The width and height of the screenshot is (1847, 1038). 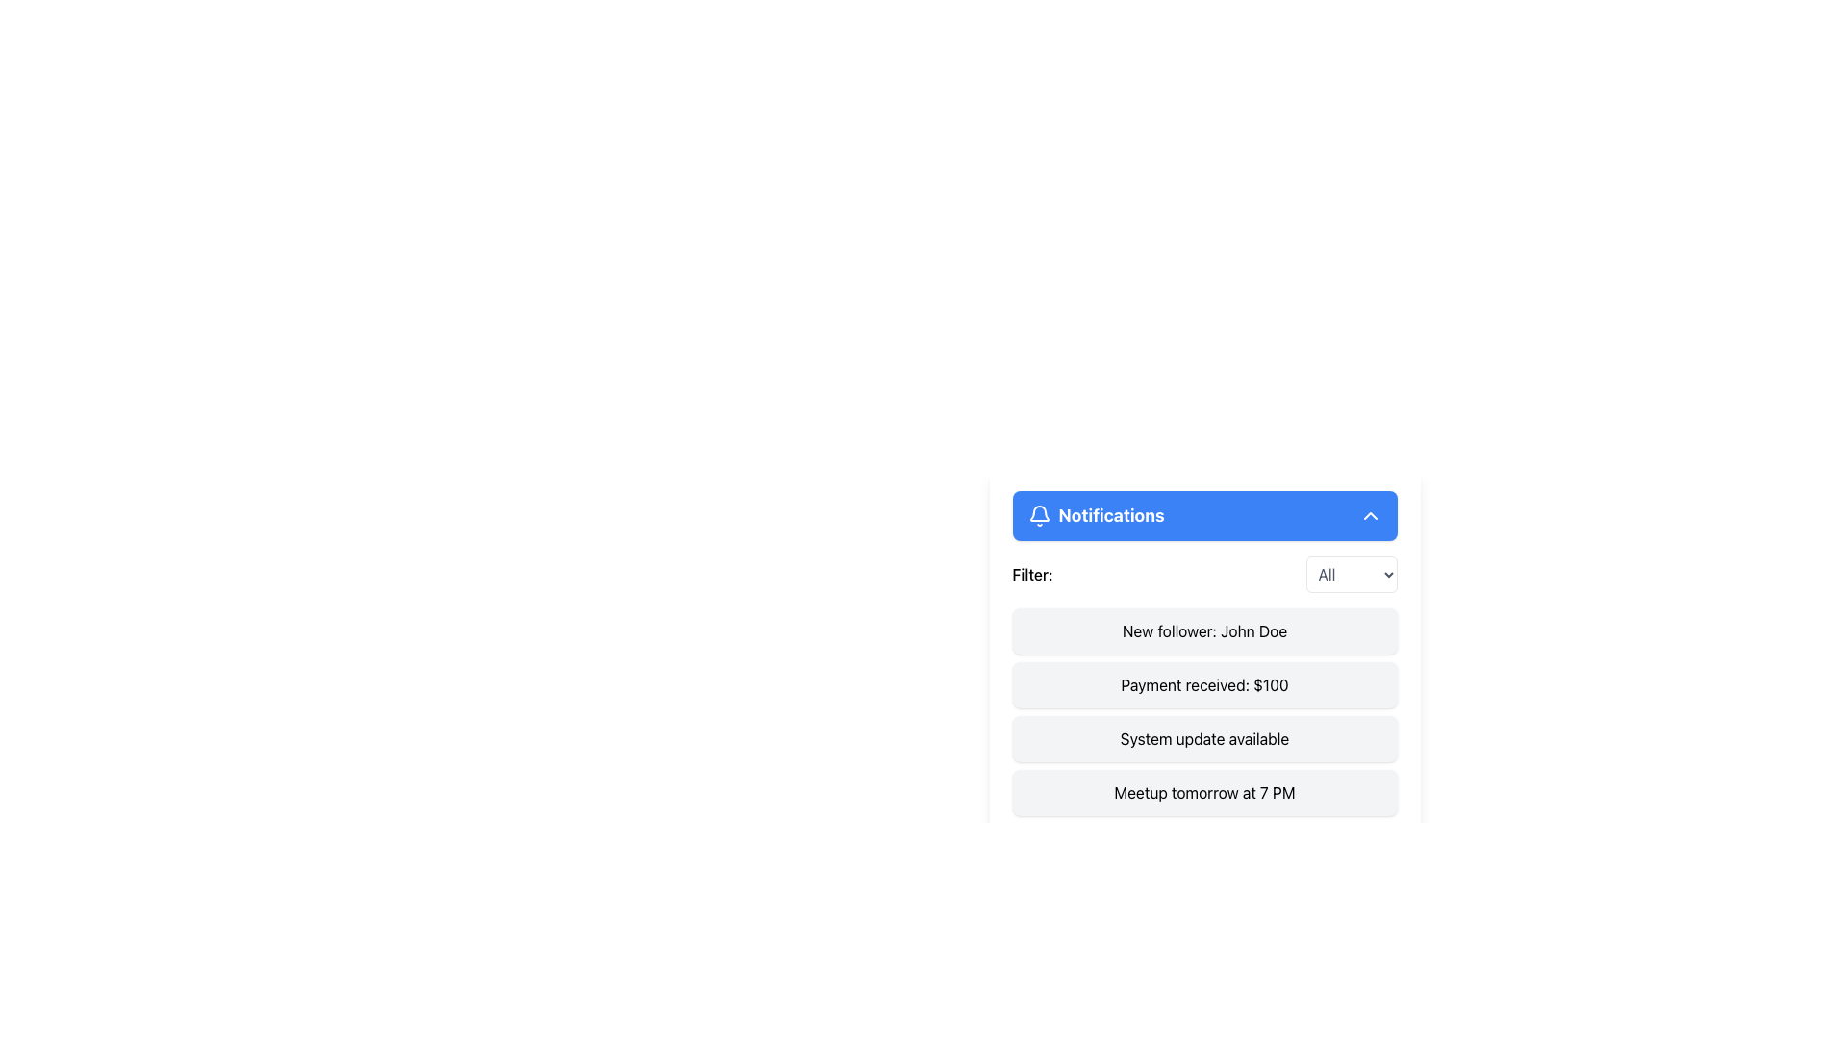 I want to click on the text label that serves as the title for the notification panel, located in the header and positioned to the right of the bell icon, so click(x=1111, y=514).